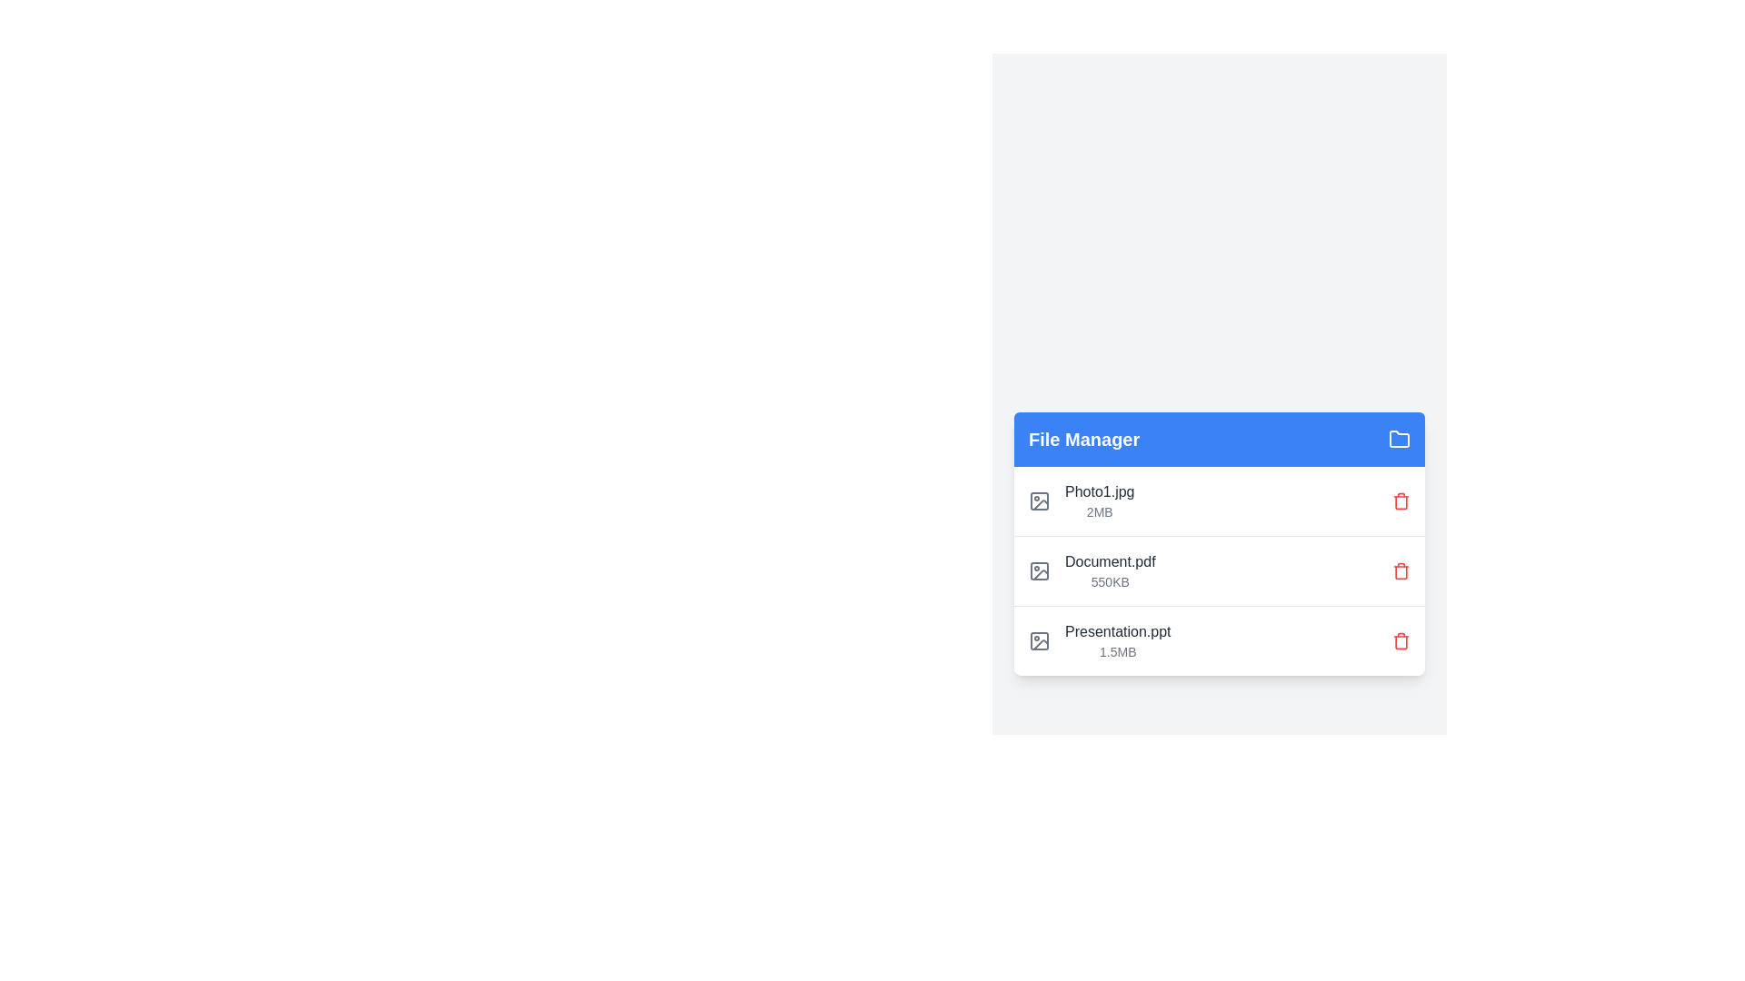 This screenshot has width=1745, height=981. Describe the element at coordinates (1220, 639) in the screenshot. I see `to select the file entry row displaying 'Presentation.ppt' with a file size of '1.5MB' in the file manager interface` at that location.